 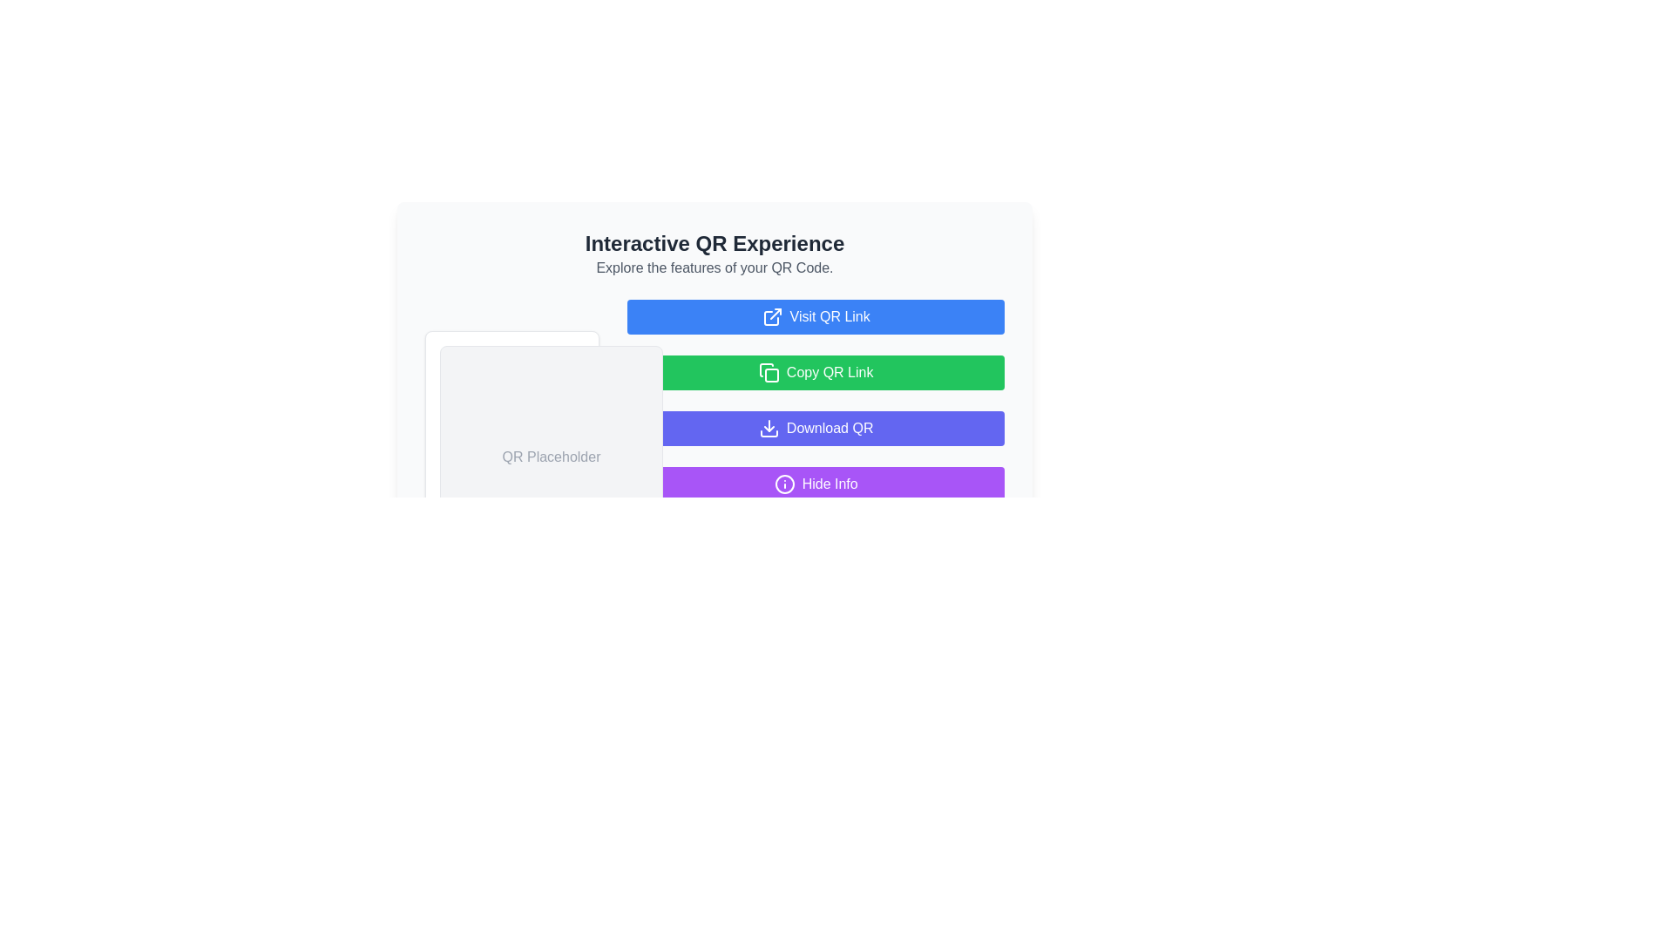 What do you see at coordinates (783, 484) in the screenshot?
I see `the informational icon located within the 'Hide Info' button at the bottom-right of the layout` at bounding box center [783, 484].